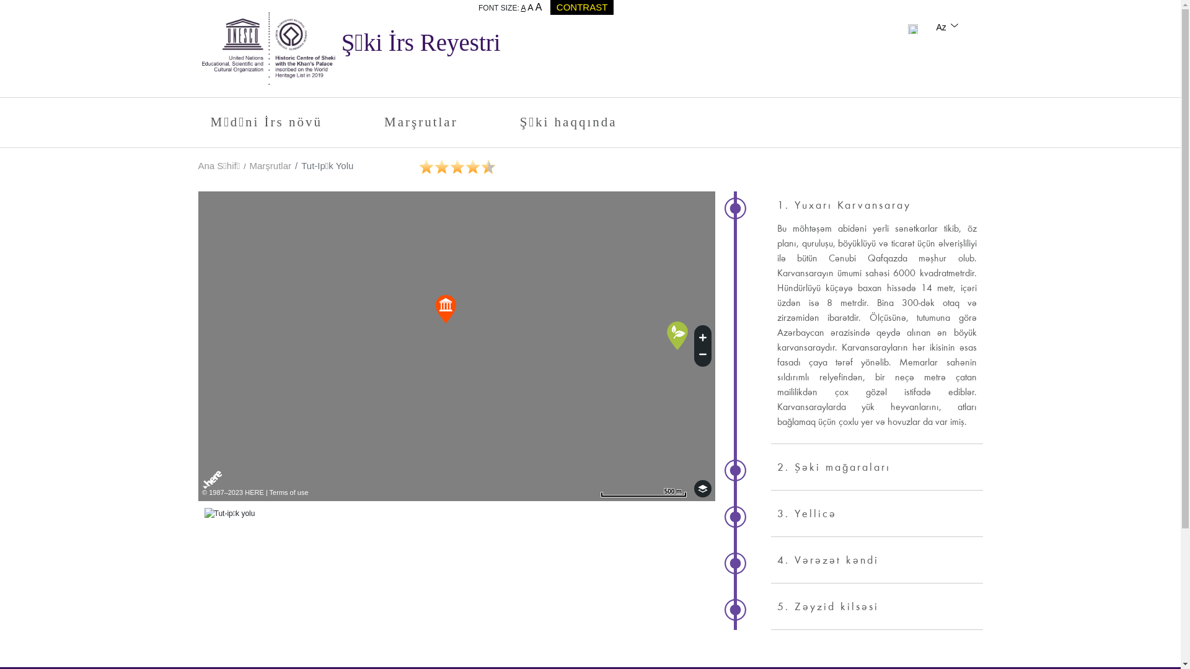 The image size is (1190, 669). I want to click on 'Terms of use', so click(288, 491).